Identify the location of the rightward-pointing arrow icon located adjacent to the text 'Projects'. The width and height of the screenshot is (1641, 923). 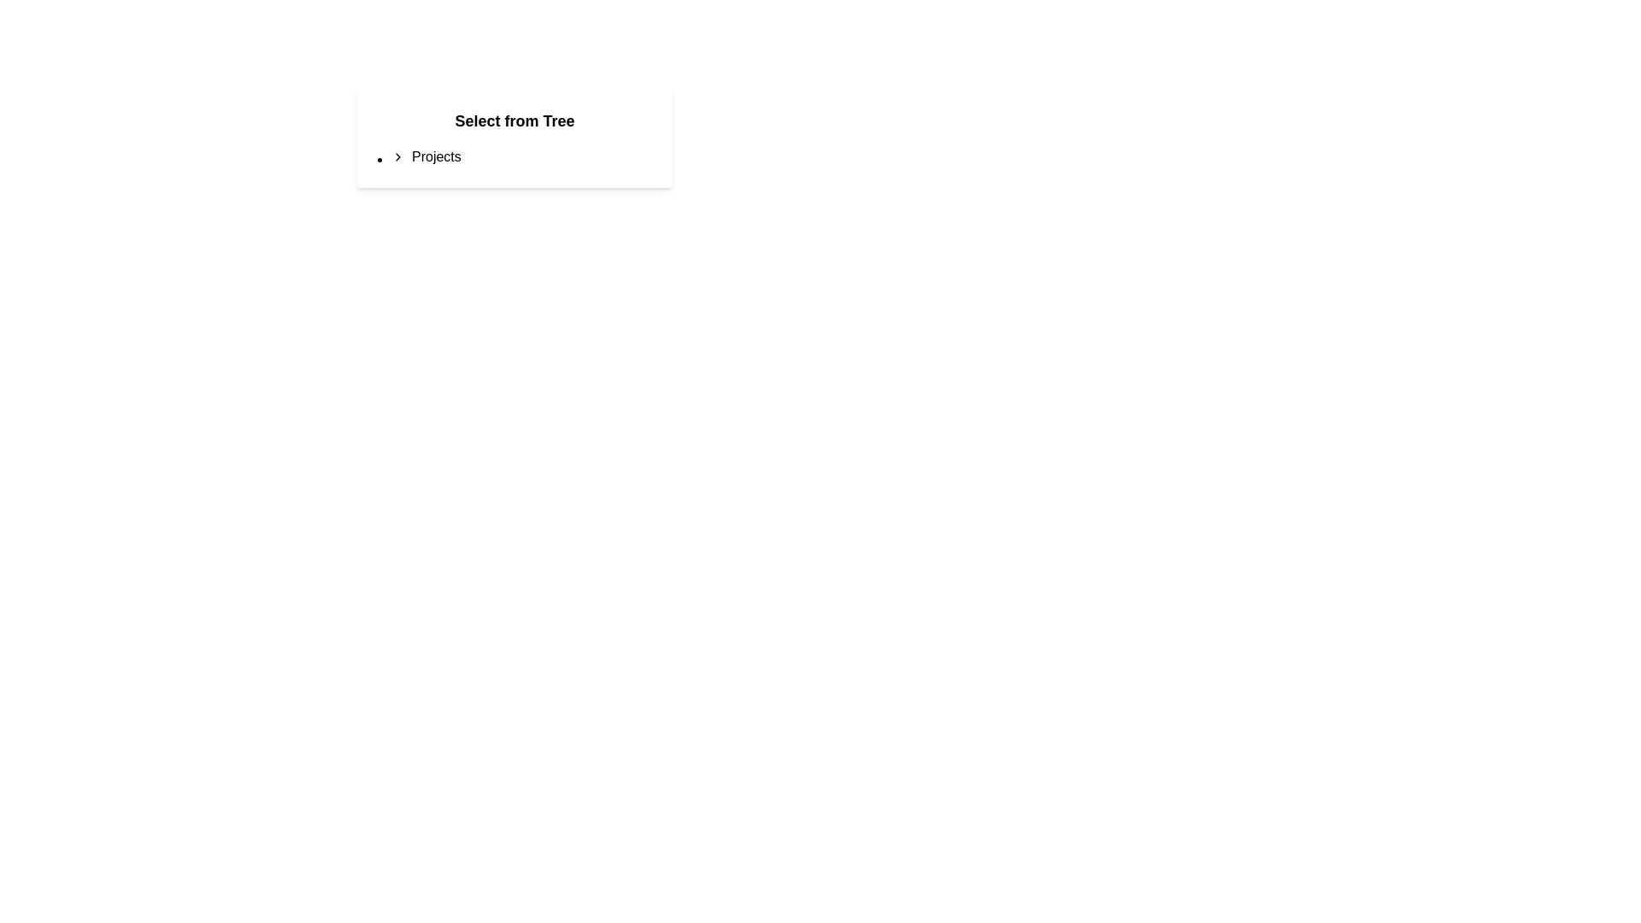
(397, 157).